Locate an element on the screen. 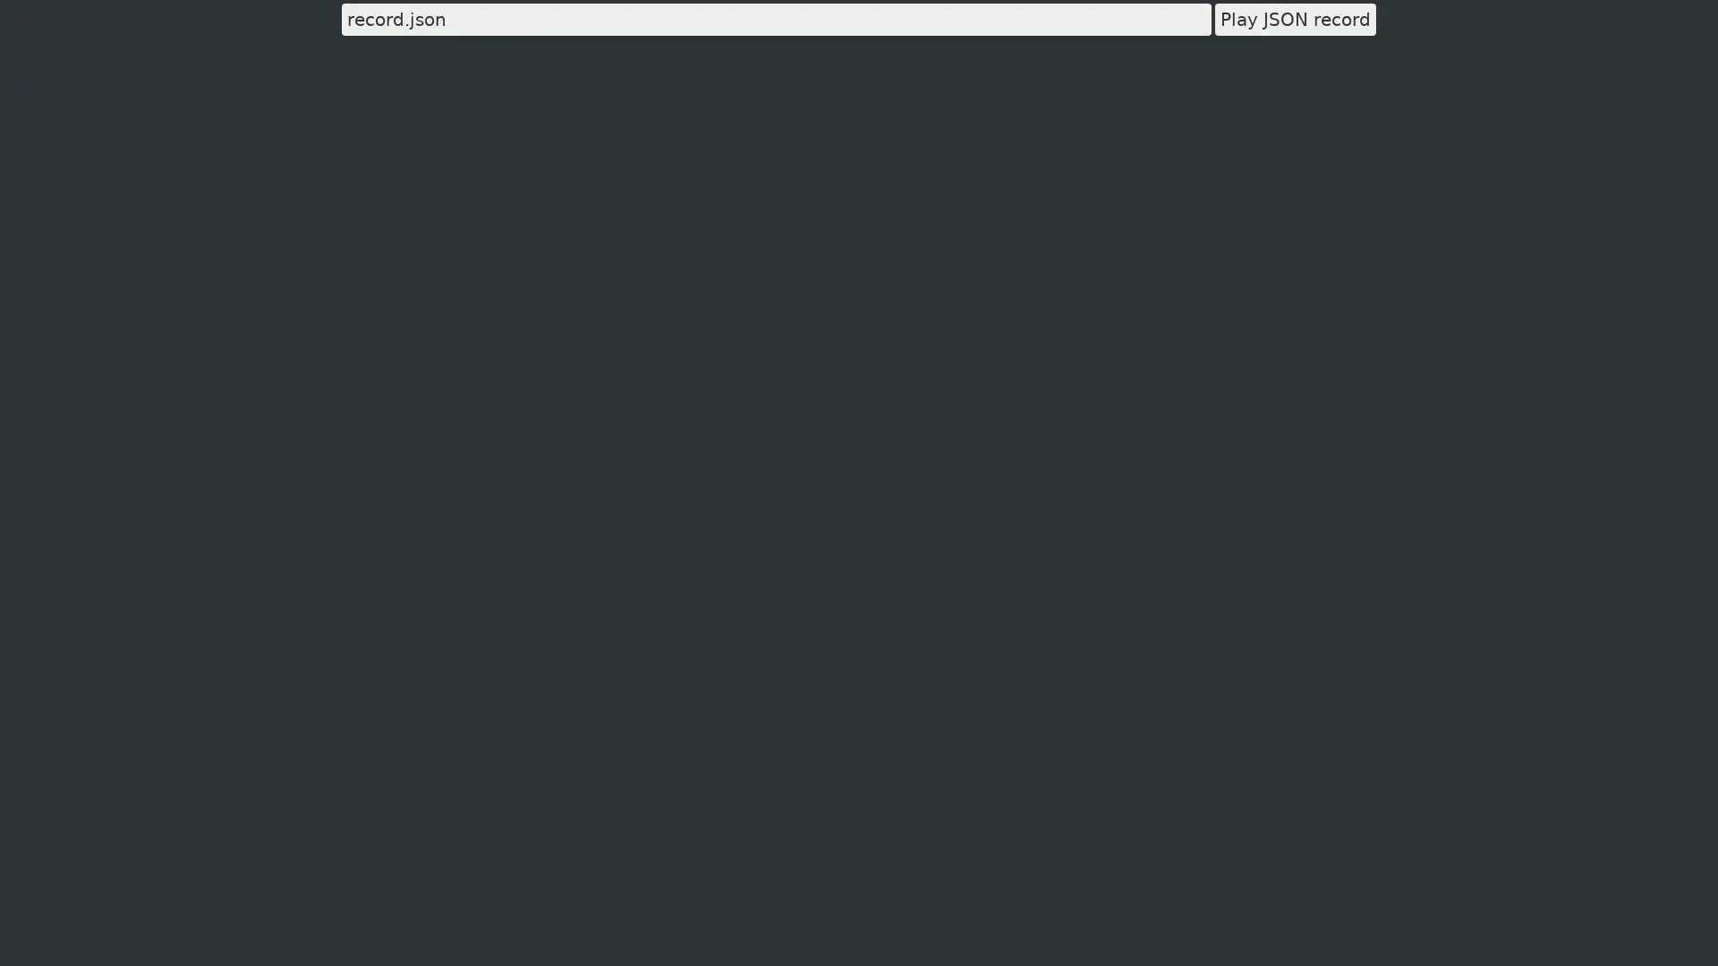 This screenshot has height=966, width=1718. Play JSON record is located at coordinates (1296, 20).